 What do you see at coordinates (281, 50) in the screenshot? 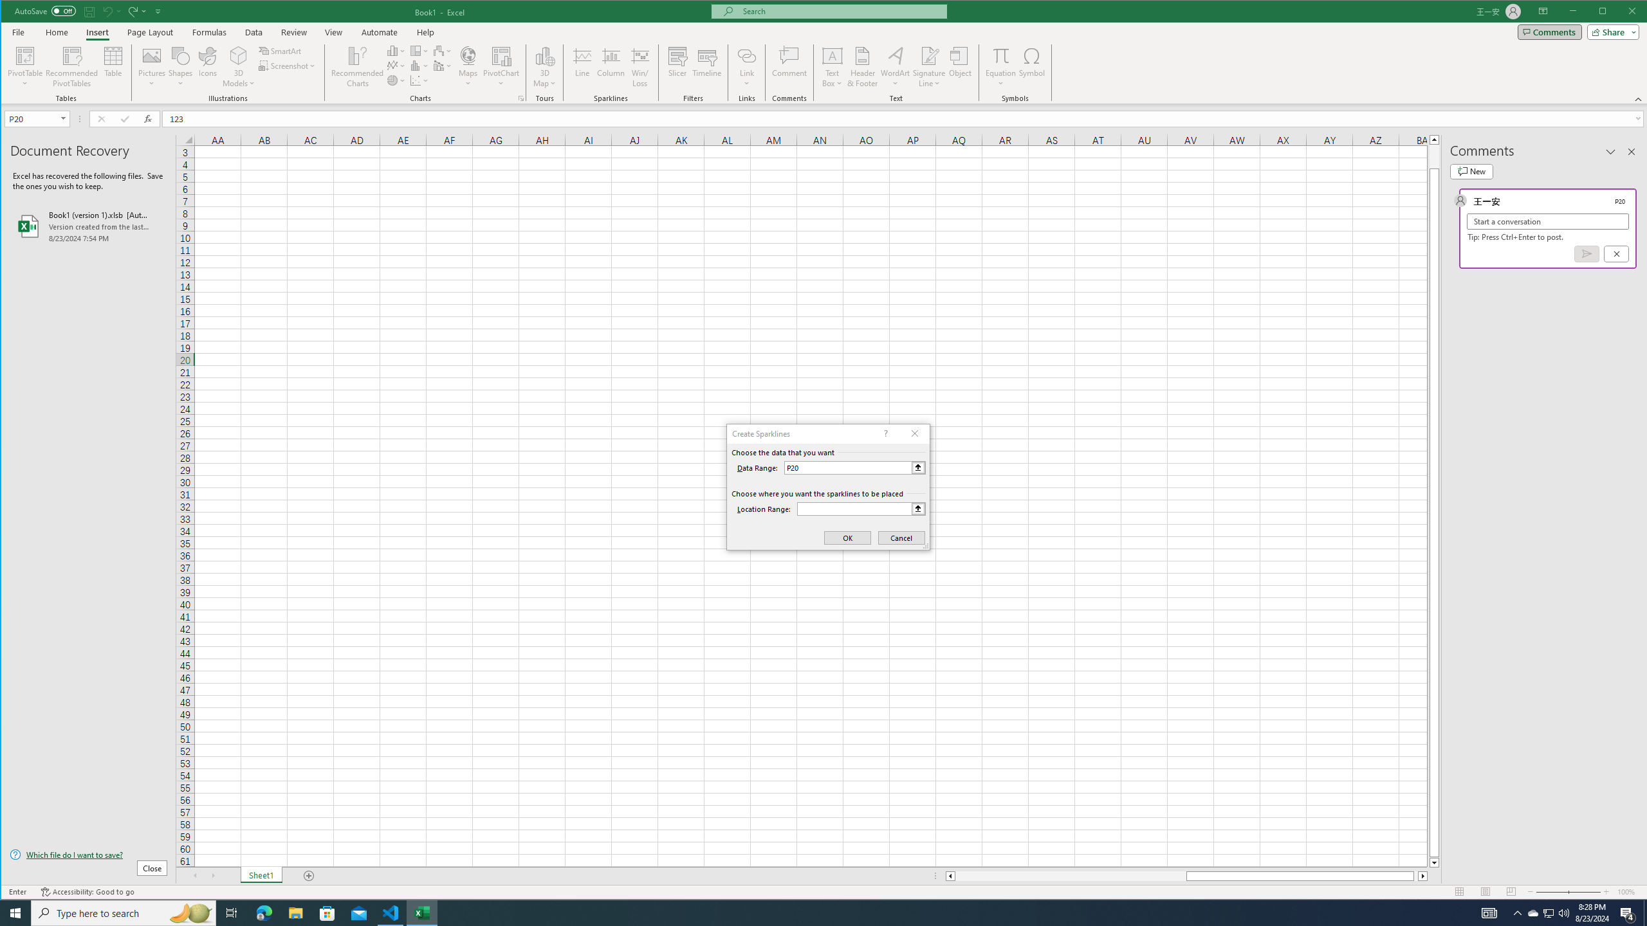
I see `'SmartArt...'` at bounding box center [281, 50].